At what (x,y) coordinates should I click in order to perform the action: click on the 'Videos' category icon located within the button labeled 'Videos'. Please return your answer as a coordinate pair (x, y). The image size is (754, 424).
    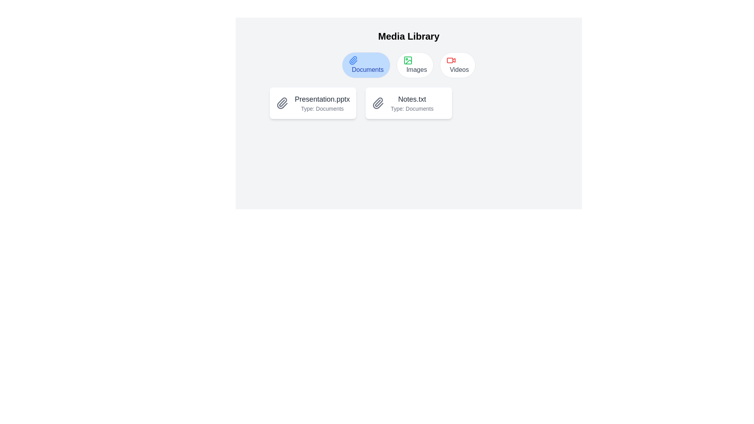
    Looking at the image, I should click on (451, 60).